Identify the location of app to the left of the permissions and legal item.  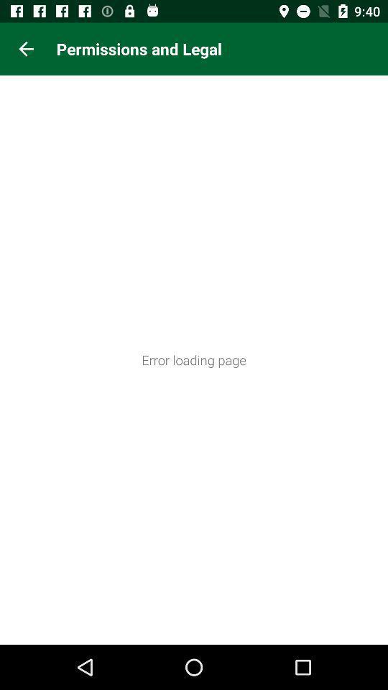
(26, 49).